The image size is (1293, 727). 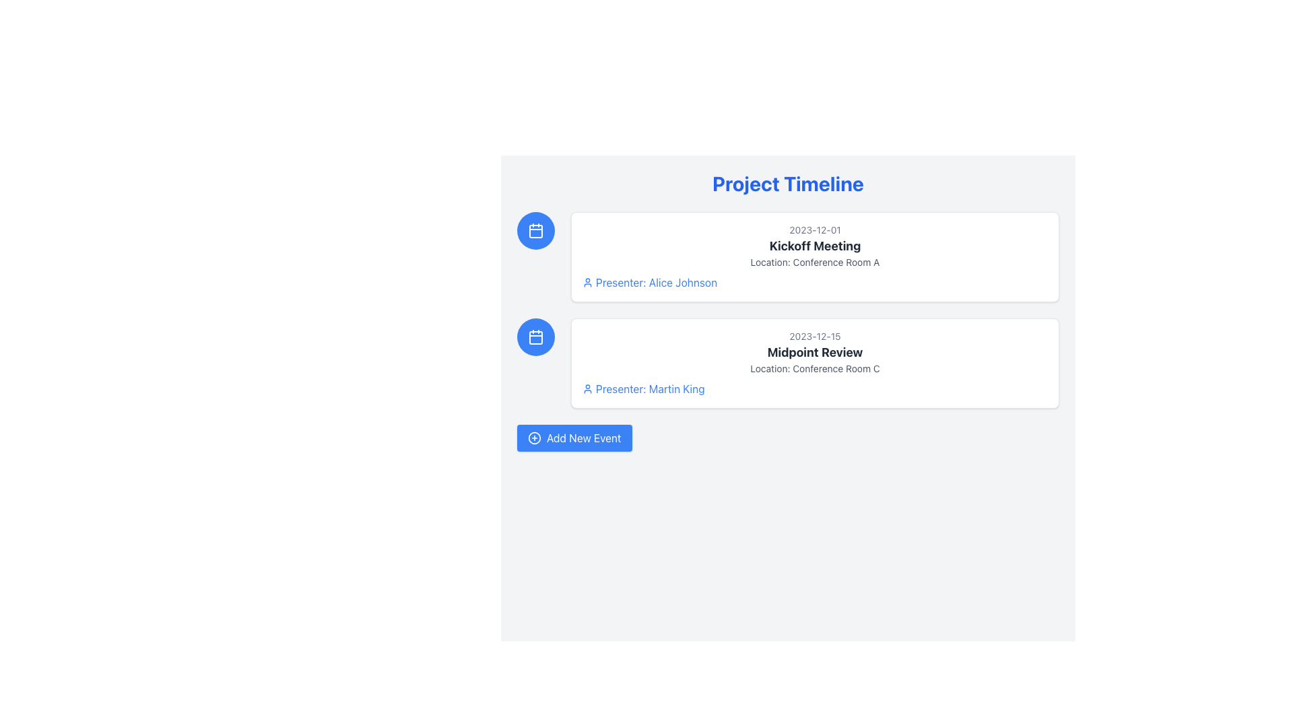 What do you see at coordinates (588, 282) in the screenshot?
I see `the small blue user icon resembling a person silhouette, which is positioned to the left of the text 'Presenter: Alice Johnson' in the timeline interface` at bounding box center [588, 282].